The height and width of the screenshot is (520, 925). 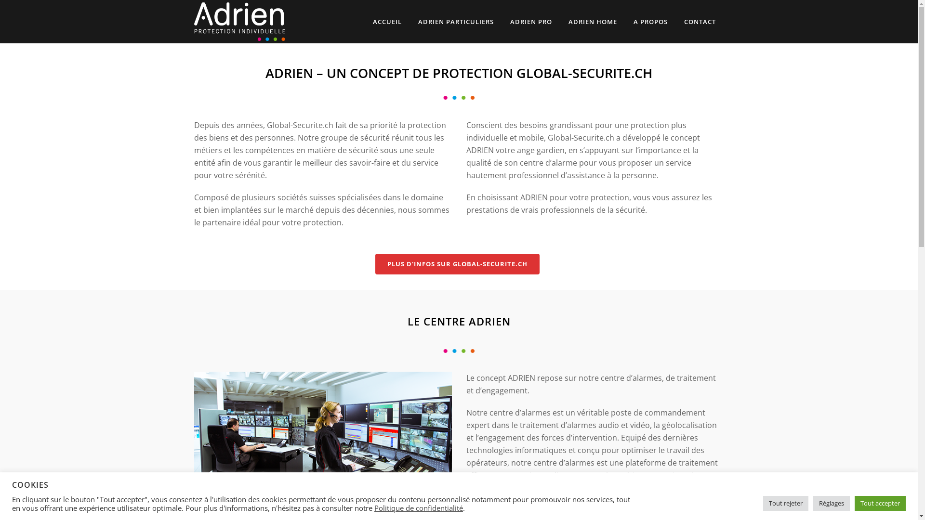 I want to click on 'ADRIEN PARTICULIERS', so click(x=455, y=22).